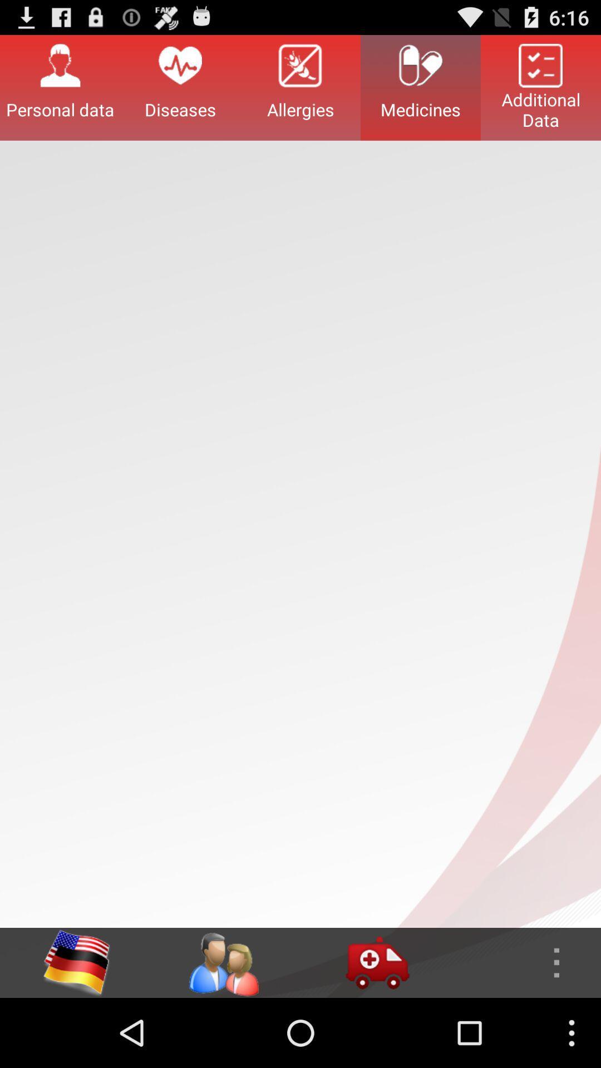 The height and width of the screenshot is (1068, 601). I want to click on the icon to the right of medicines button, so click(540, 87).